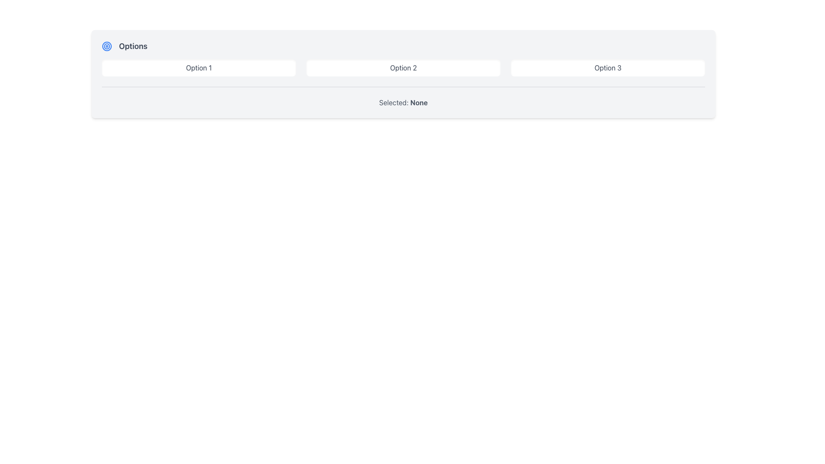  Describe the element at coordinates (608, 67) in the screenshot. I see `the button labeled 'Option 3', which is the third button in a horizontal row of three buttons` at that location.